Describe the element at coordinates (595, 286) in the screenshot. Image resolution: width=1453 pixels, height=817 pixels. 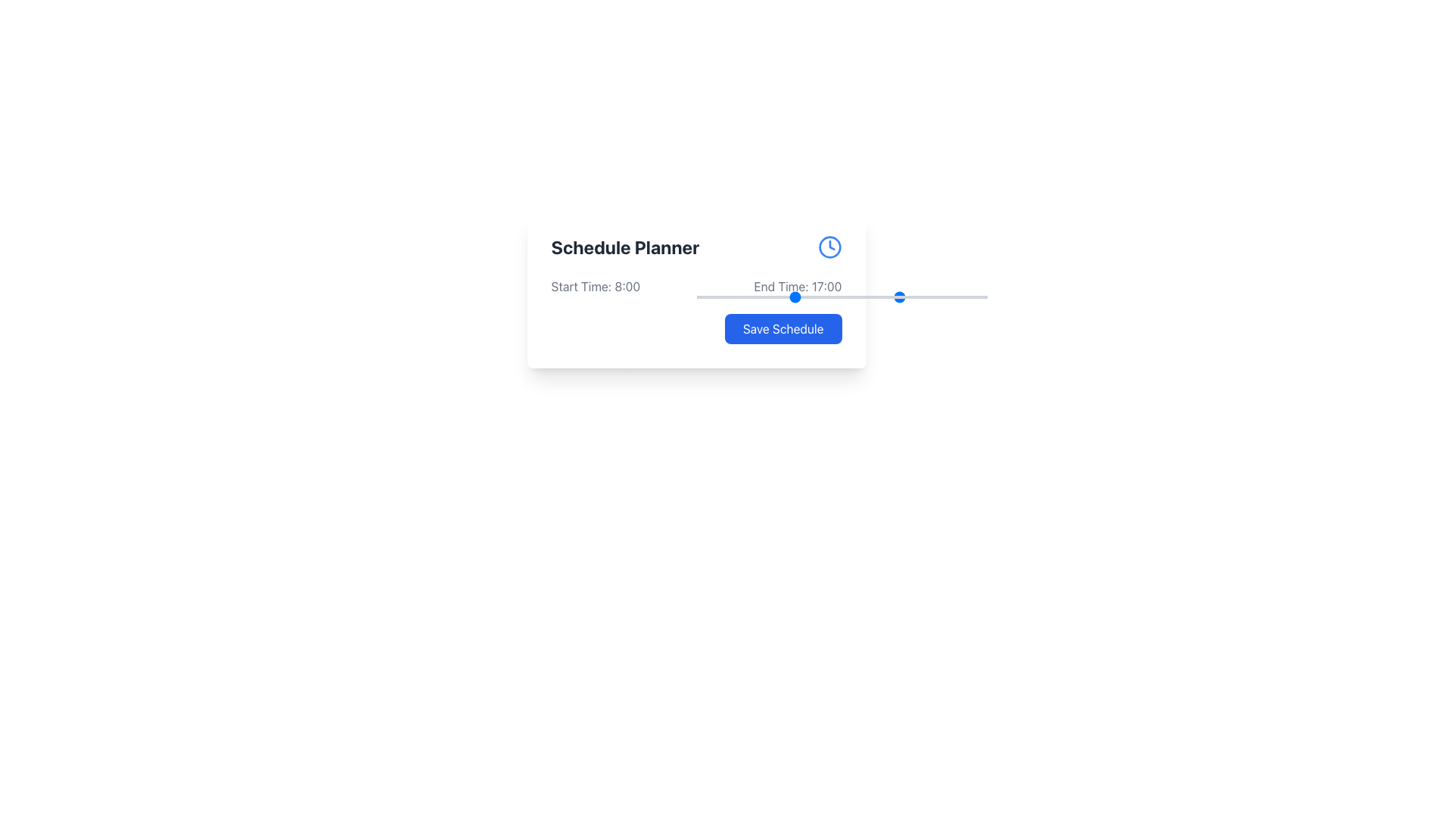
I see `'Start Time: 8:00' text label to gather information about the start time` at that location.